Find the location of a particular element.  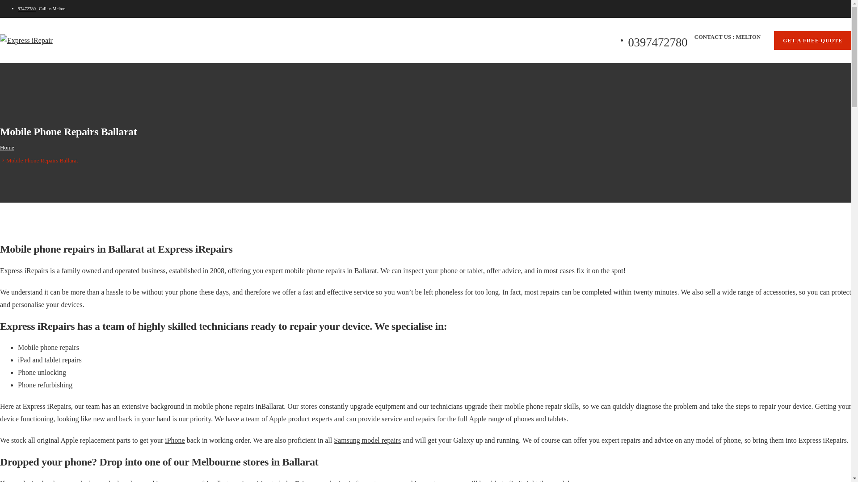

'97472780' is located at coordinates (17, 8).